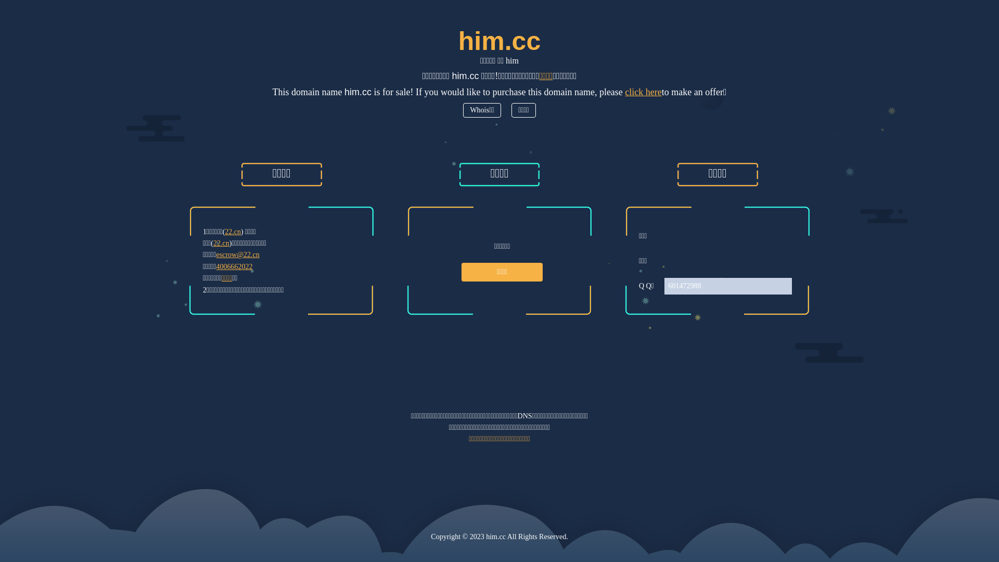 Image resolution: width=999 pixels, height=562 pixels. I want to click on 'click here', so click(624, 92).